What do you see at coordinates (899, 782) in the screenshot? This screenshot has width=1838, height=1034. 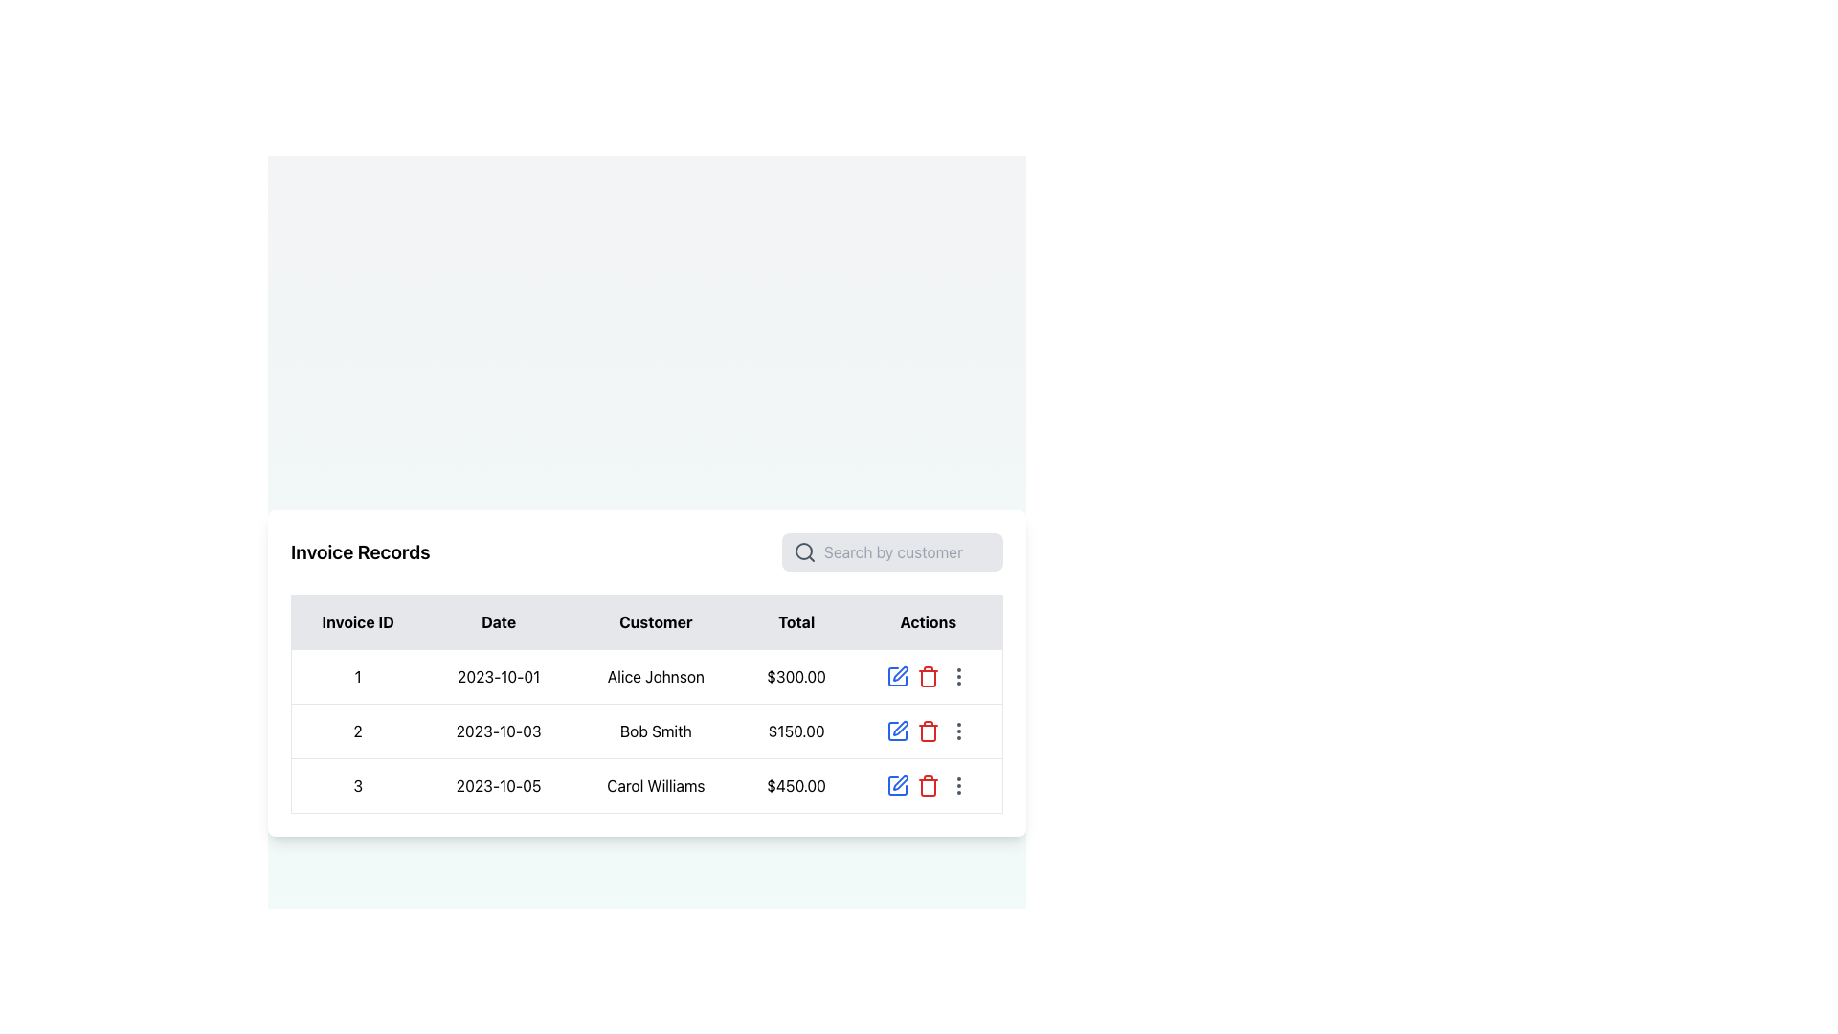 I see `the blue pen-shaped edit icon in the 'Actions' column of the third row for the invoice entry of 'Carol Williams'` at bounding box center [899, 782].